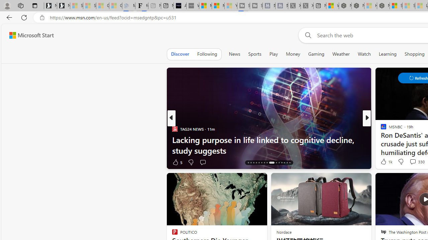 The image size is (428, 240). I want to click on 'AI Voice Changer for PC and Mac - Voice.ai', so click(180, 6).